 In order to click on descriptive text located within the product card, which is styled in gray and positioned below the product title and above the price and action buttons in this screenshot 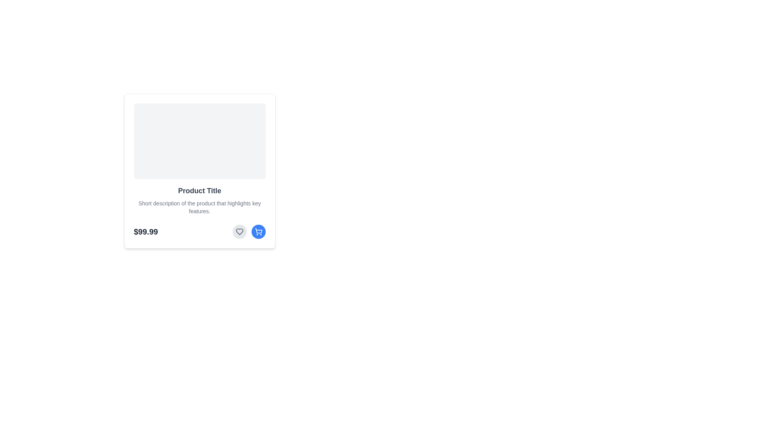, I will do `click(200, 207)`.